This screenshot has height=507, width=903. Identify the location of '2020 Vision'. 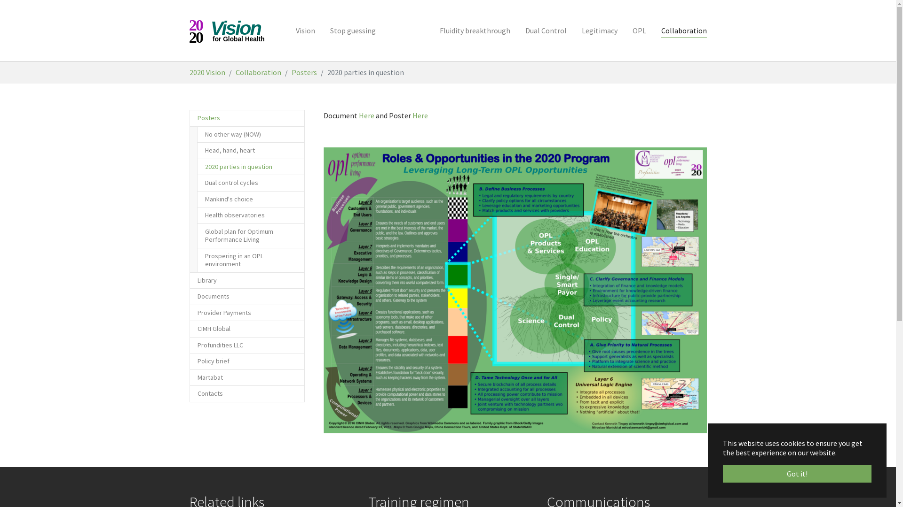
(206, 72).